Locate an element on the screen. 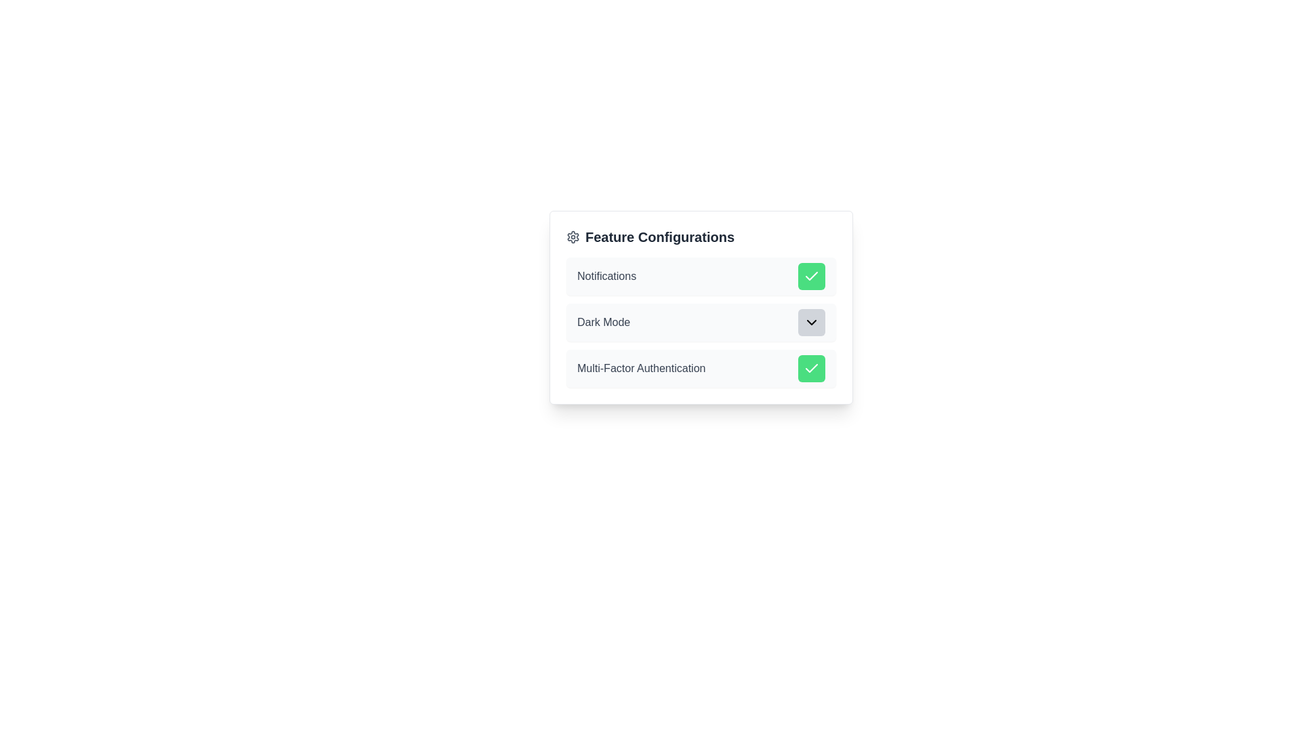 This screenshot has height=732, width=1301. the enabled status represented by the checkmark icon, which is a white checkmark on a green circular background located in the bottom-right section of the 'Multi-Factor Authentication' option row is located at coordinates (812, 368).